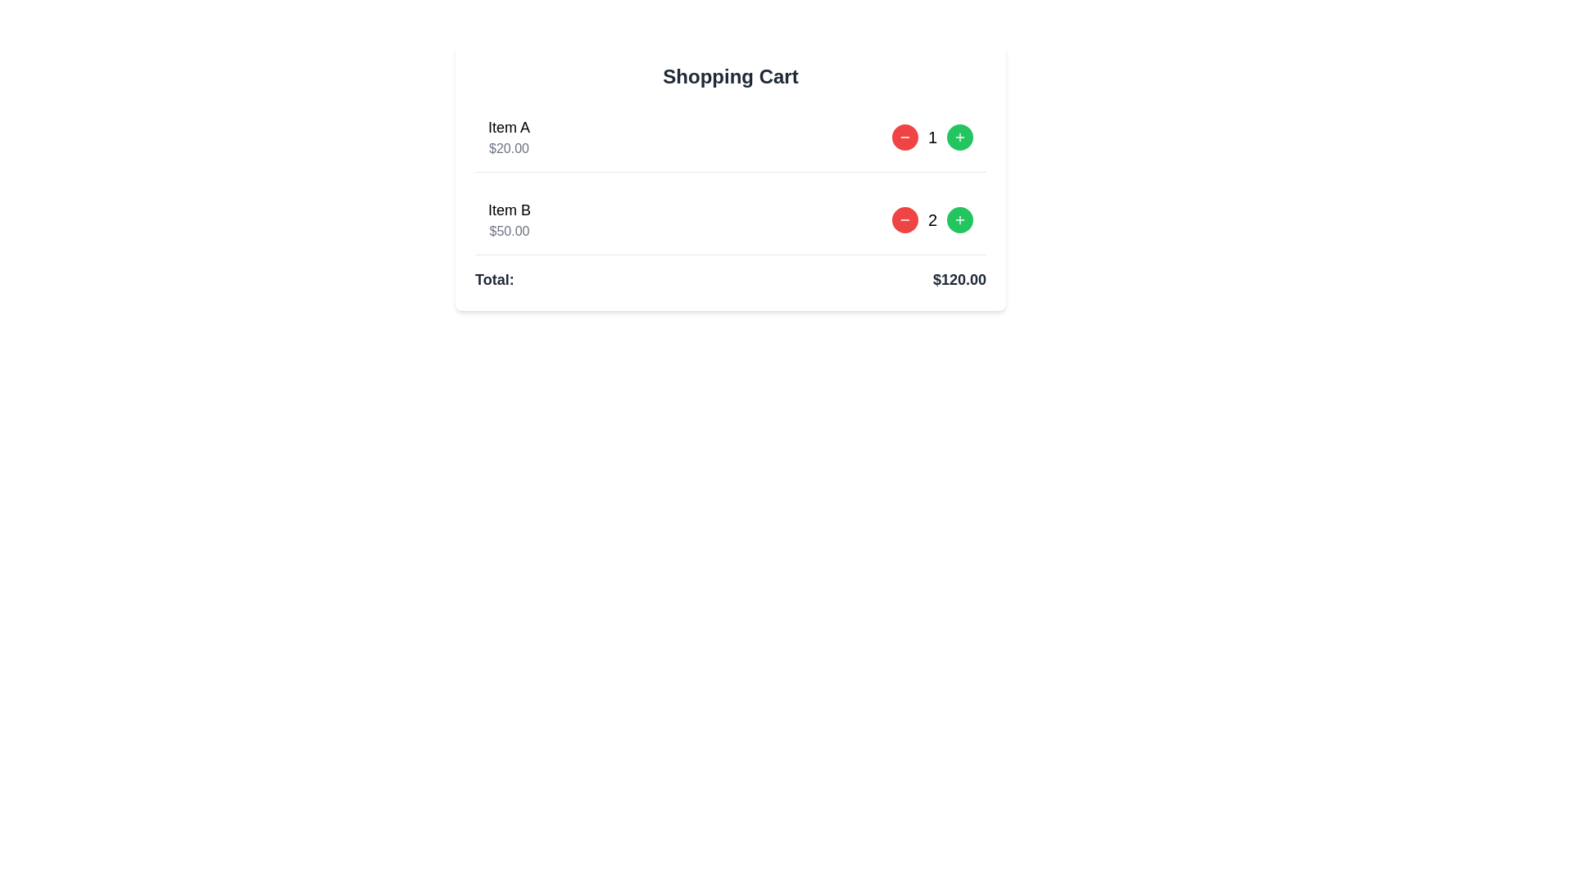 The image size is (1573, 884). What do you see at coordinates (508, 137) in the screenshot?
I see `text from the label displaying 'Item A' and '$20.00' in the shopping cart's first item section` at bounding box center [508, 137].